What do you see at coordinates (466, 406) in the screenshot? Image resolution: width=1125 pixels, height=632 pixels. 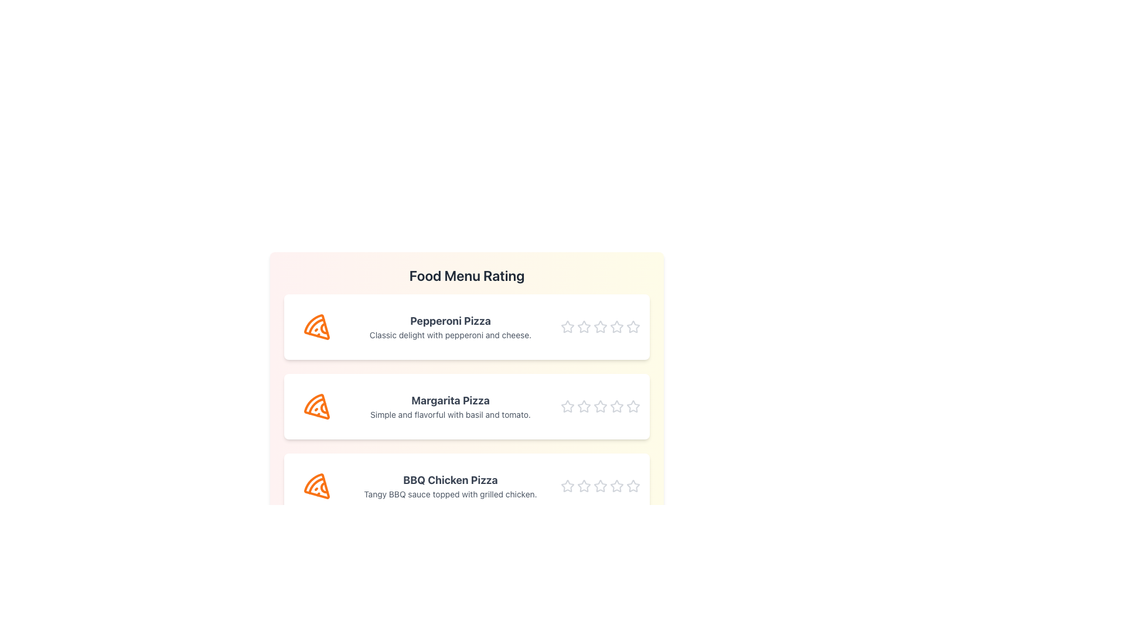 I see `a menu item from the vertical list displaying dishes with details such as names, descriptions, and ratings` at bounding box center [466, 406].